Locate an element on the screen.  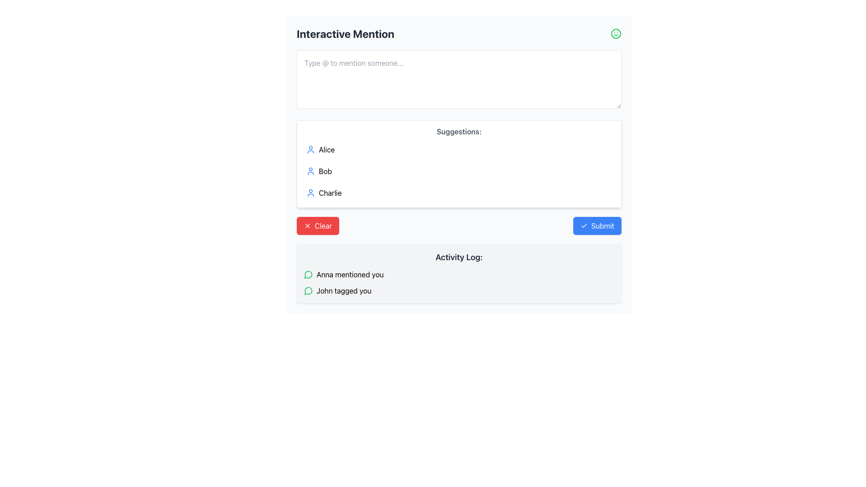
the reset button located to the left of the 'Submit' button is located at coordinates (318, 225).